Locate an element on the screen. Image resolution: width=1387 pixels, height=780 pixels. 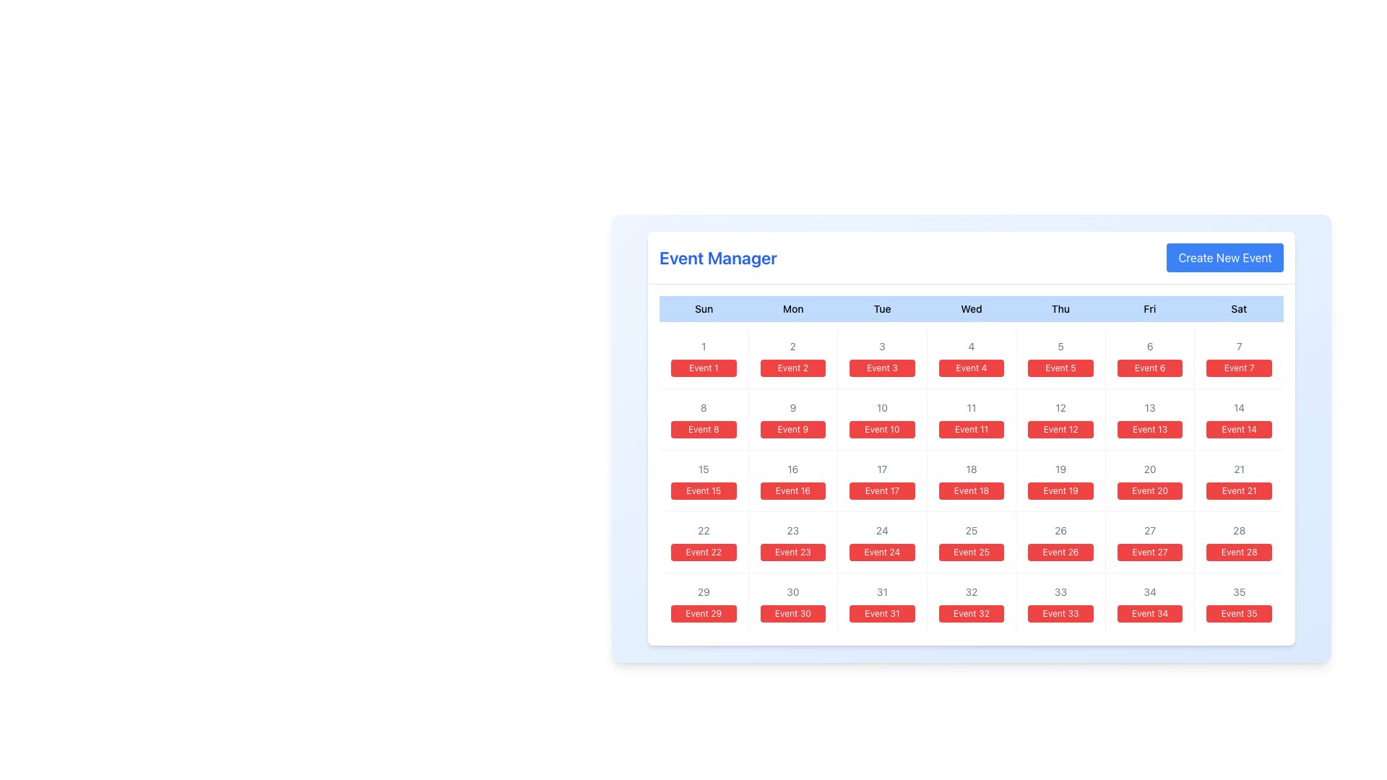
the Calendar Date Item located in the third column and second row of the grid, between 'Event 8' and 'Event 10' is located at coordinates (792, 420).